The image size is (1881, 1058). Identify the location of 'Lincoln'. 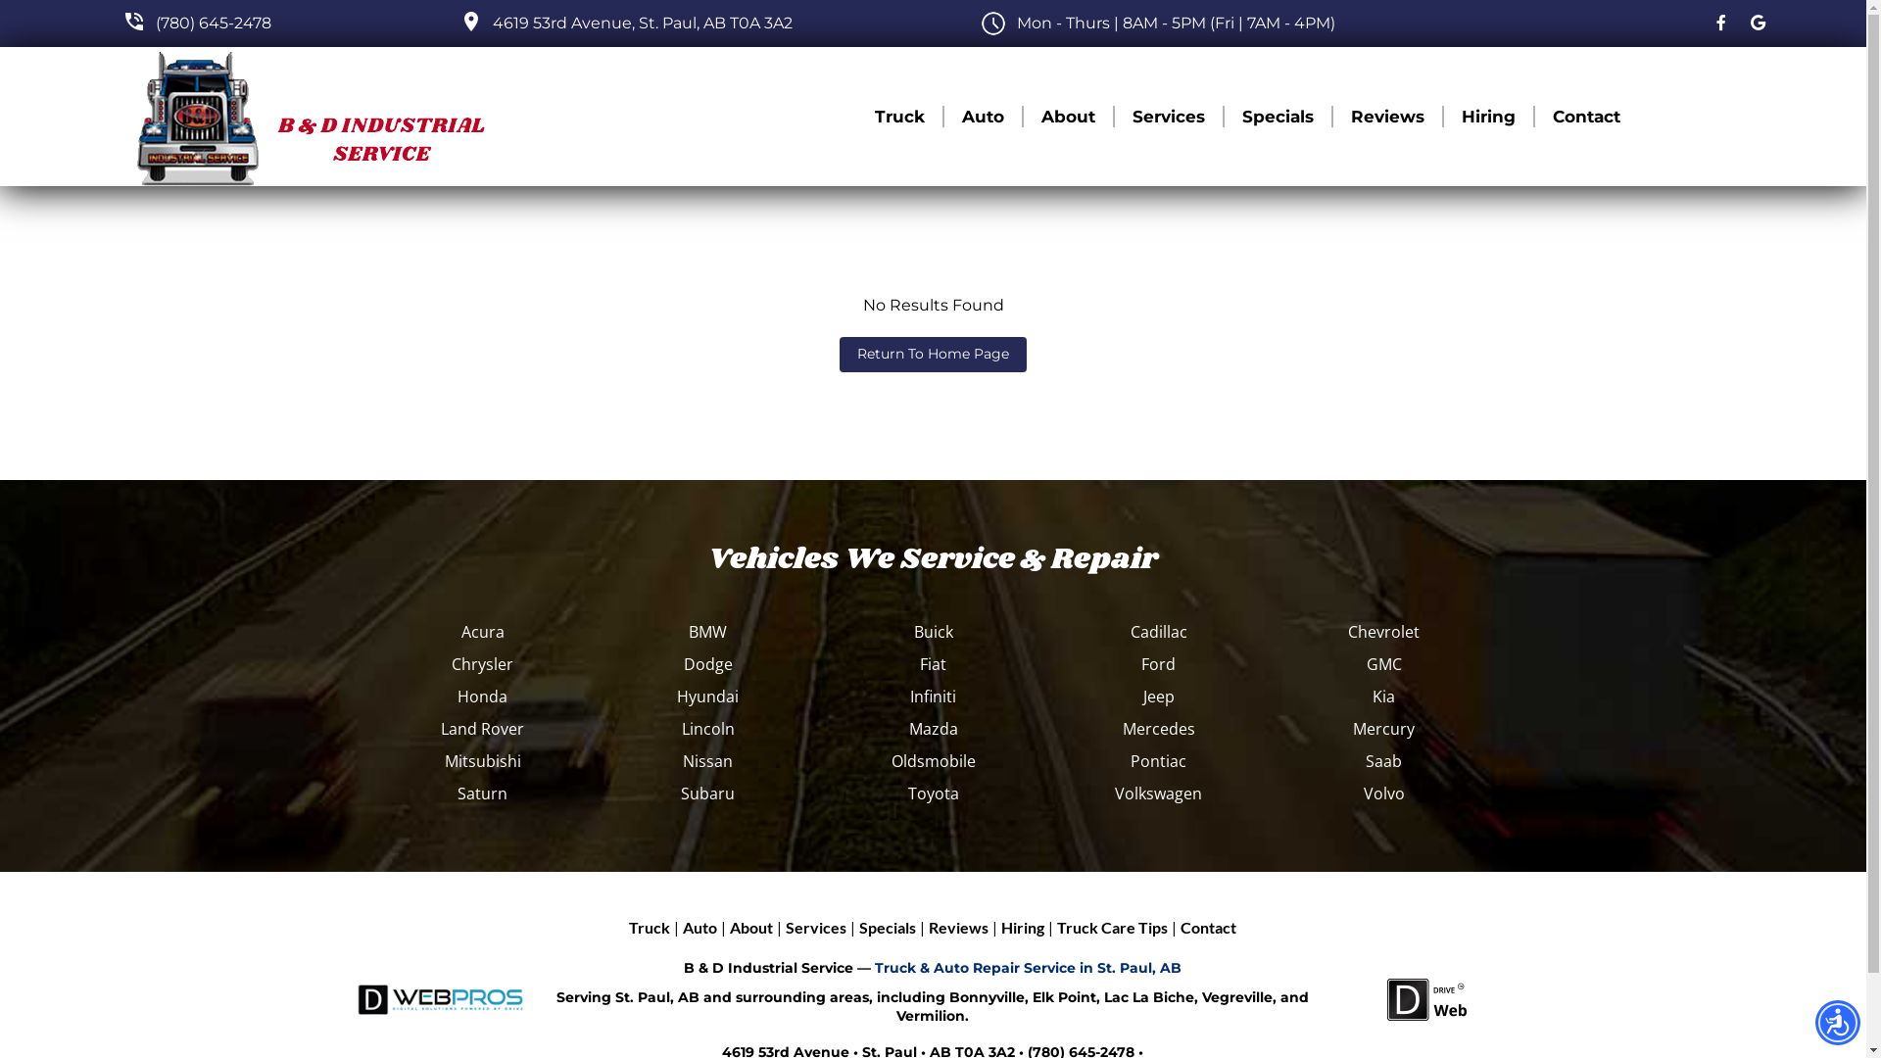
(707, 729).